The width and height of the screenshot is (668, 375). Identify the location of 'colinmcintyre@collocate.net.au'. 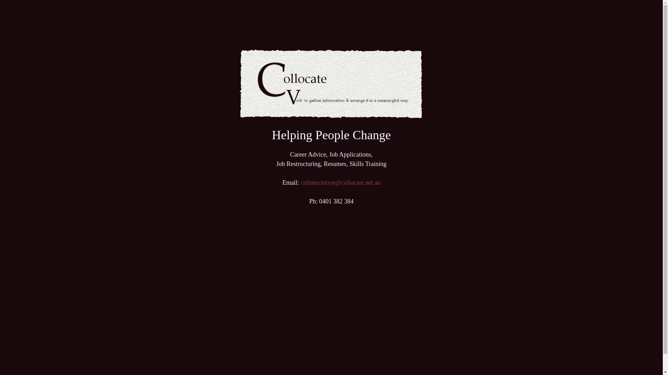
(340, 182).